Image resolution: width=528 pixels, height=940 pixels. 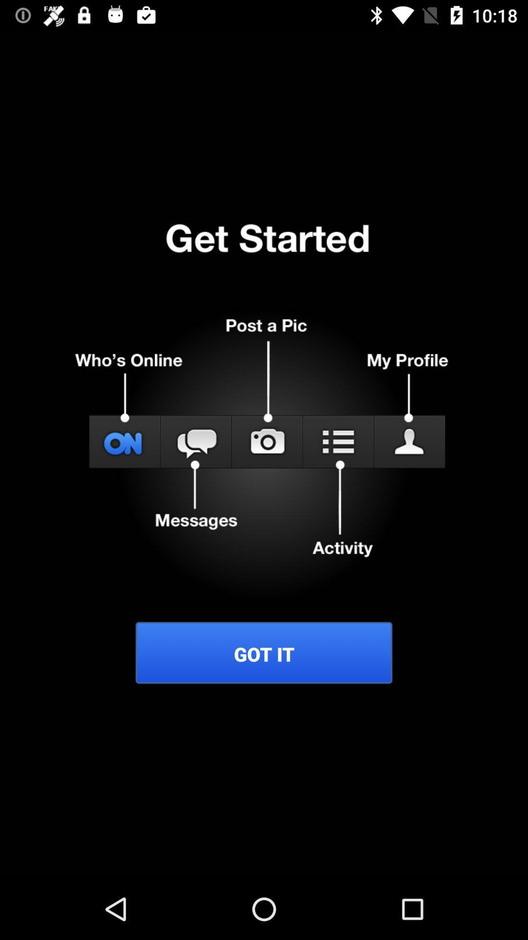 What do you see at coordinates (264, 654) in the screenshot?
I see `the got it icon` at bounding box center [264, 654].